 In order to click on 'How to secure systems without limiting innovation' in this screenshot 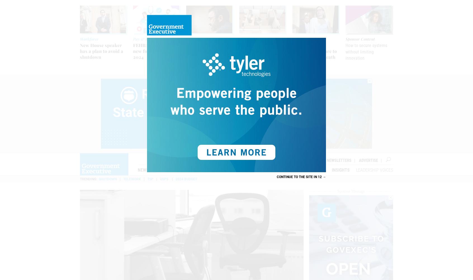, I will do `click(346, 52)`.